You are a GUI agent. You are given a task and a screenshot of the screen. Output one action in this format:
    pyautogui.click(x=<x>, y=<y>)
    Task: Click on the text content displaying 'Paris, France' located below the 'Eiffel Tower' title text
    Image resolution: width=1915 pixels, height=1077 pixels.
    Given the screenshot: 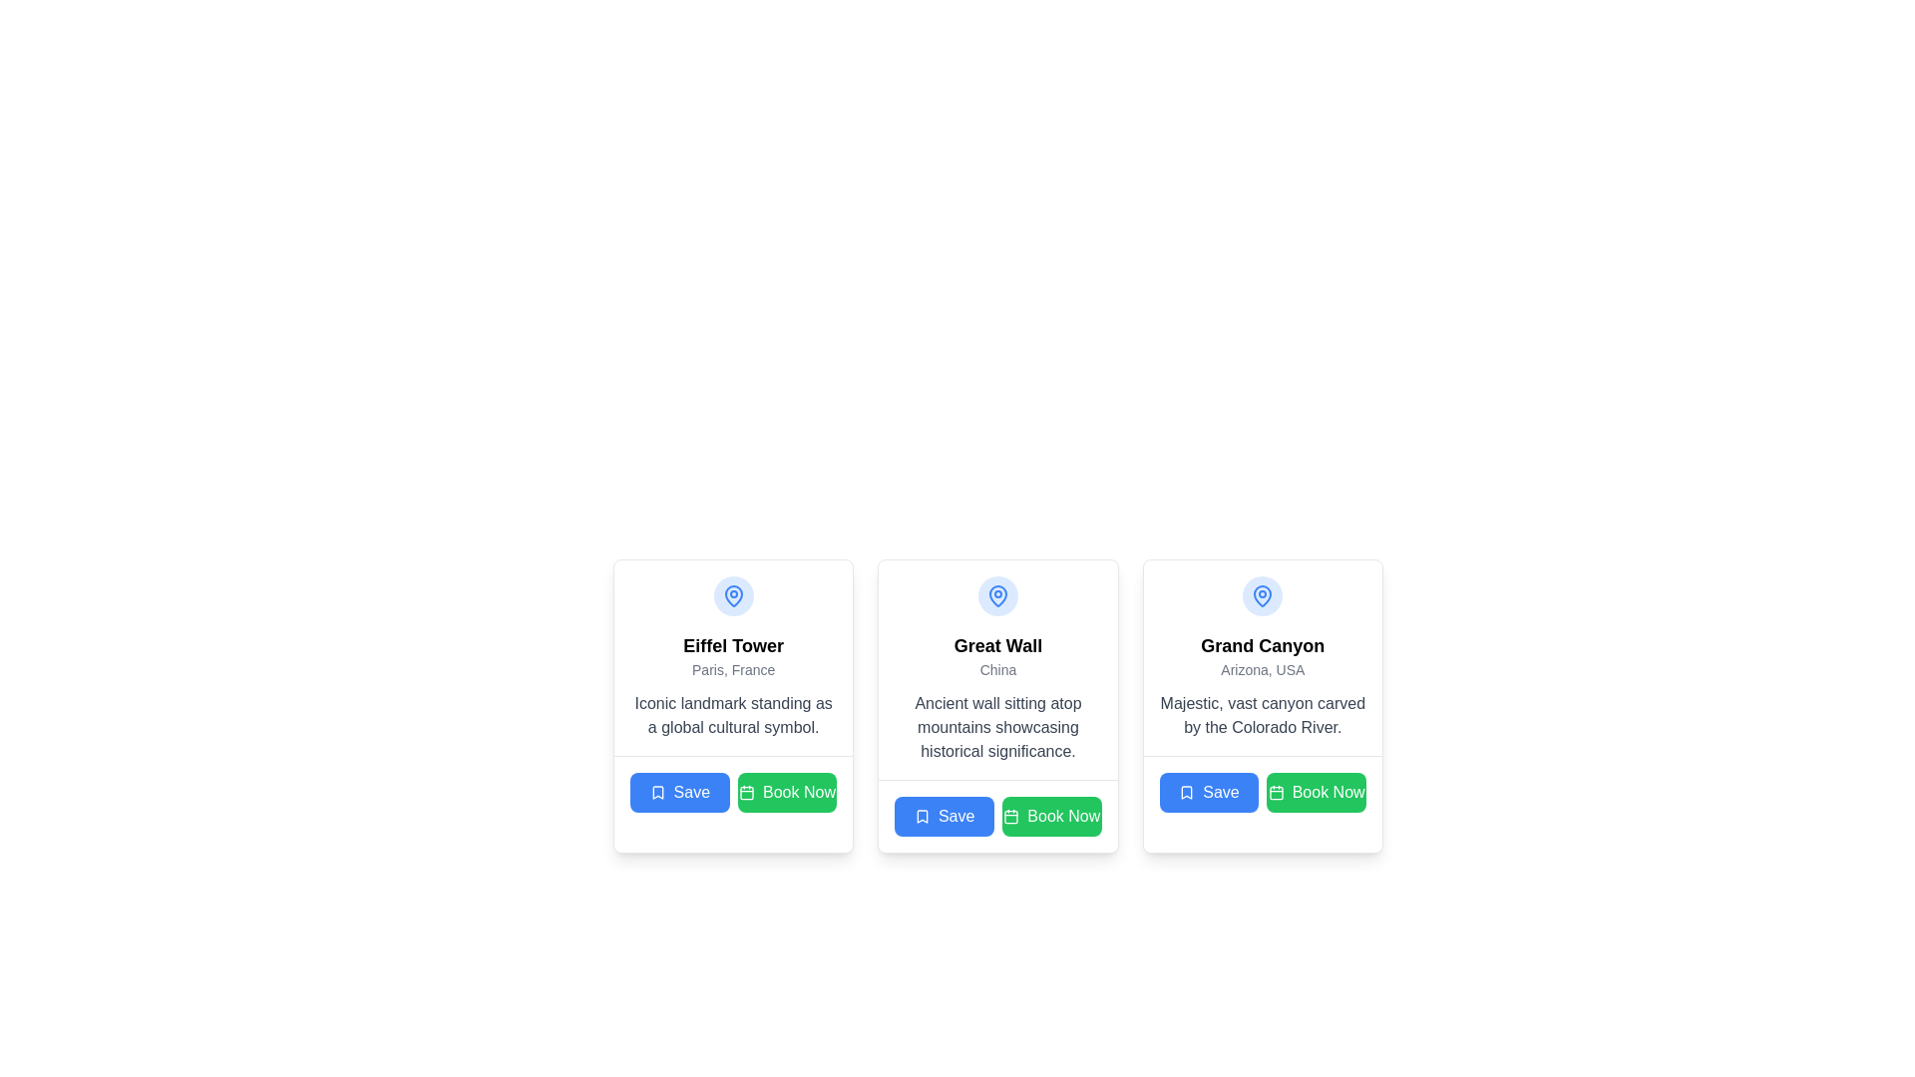 What is the action you would take?
    pyautogui.click(x=732, y=669)
    